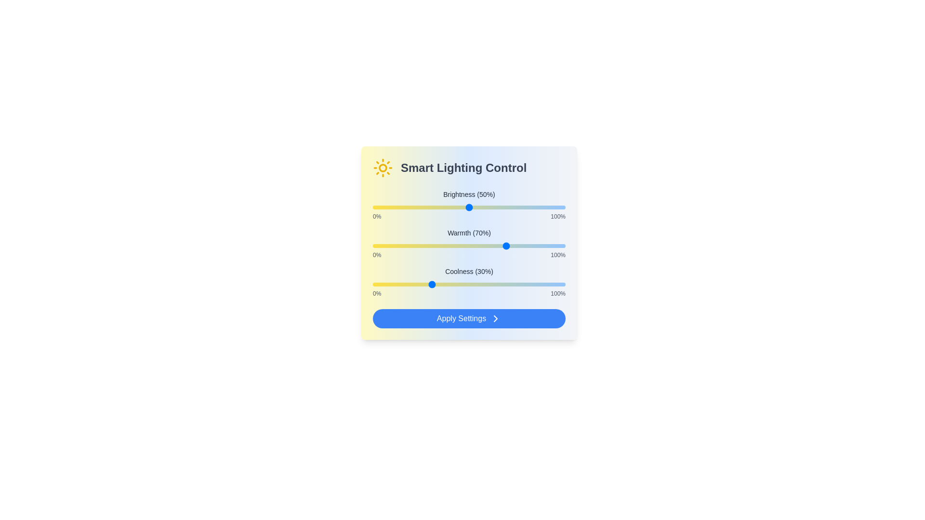 The height and width of the screenshot is (520, 925). What do you see at coordinates (519, 284) in the screenshot?
I see `the Coolness slider to 76%` at bounding box center [519, 284].